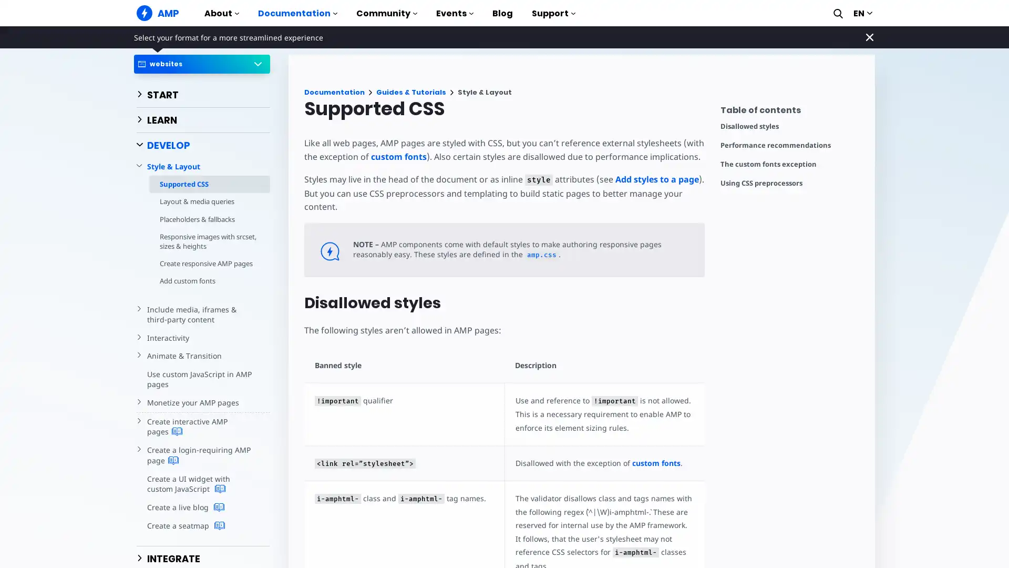 This screenshot has height=568, width=1009. What do you see at coordinates (837, 13) in the screenshot?
I see `Search` at bounding box center [837, 13].